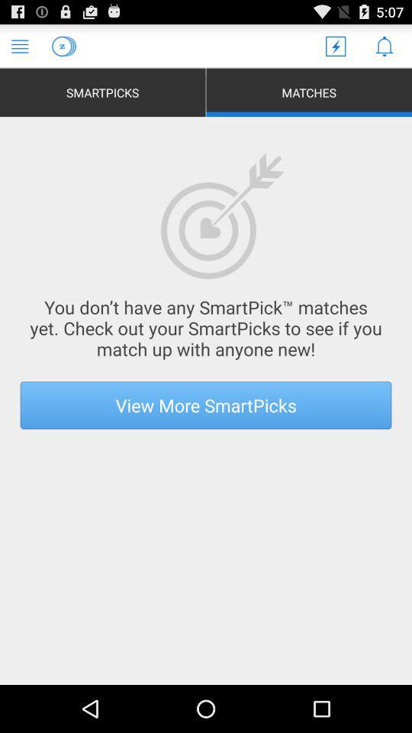 The width and height of the screenshot is (412, 733). What do you see at coordinates (206, 404) in the screenshot?
I see `the view more smartpicks icon` at bounding box center [206, 404].